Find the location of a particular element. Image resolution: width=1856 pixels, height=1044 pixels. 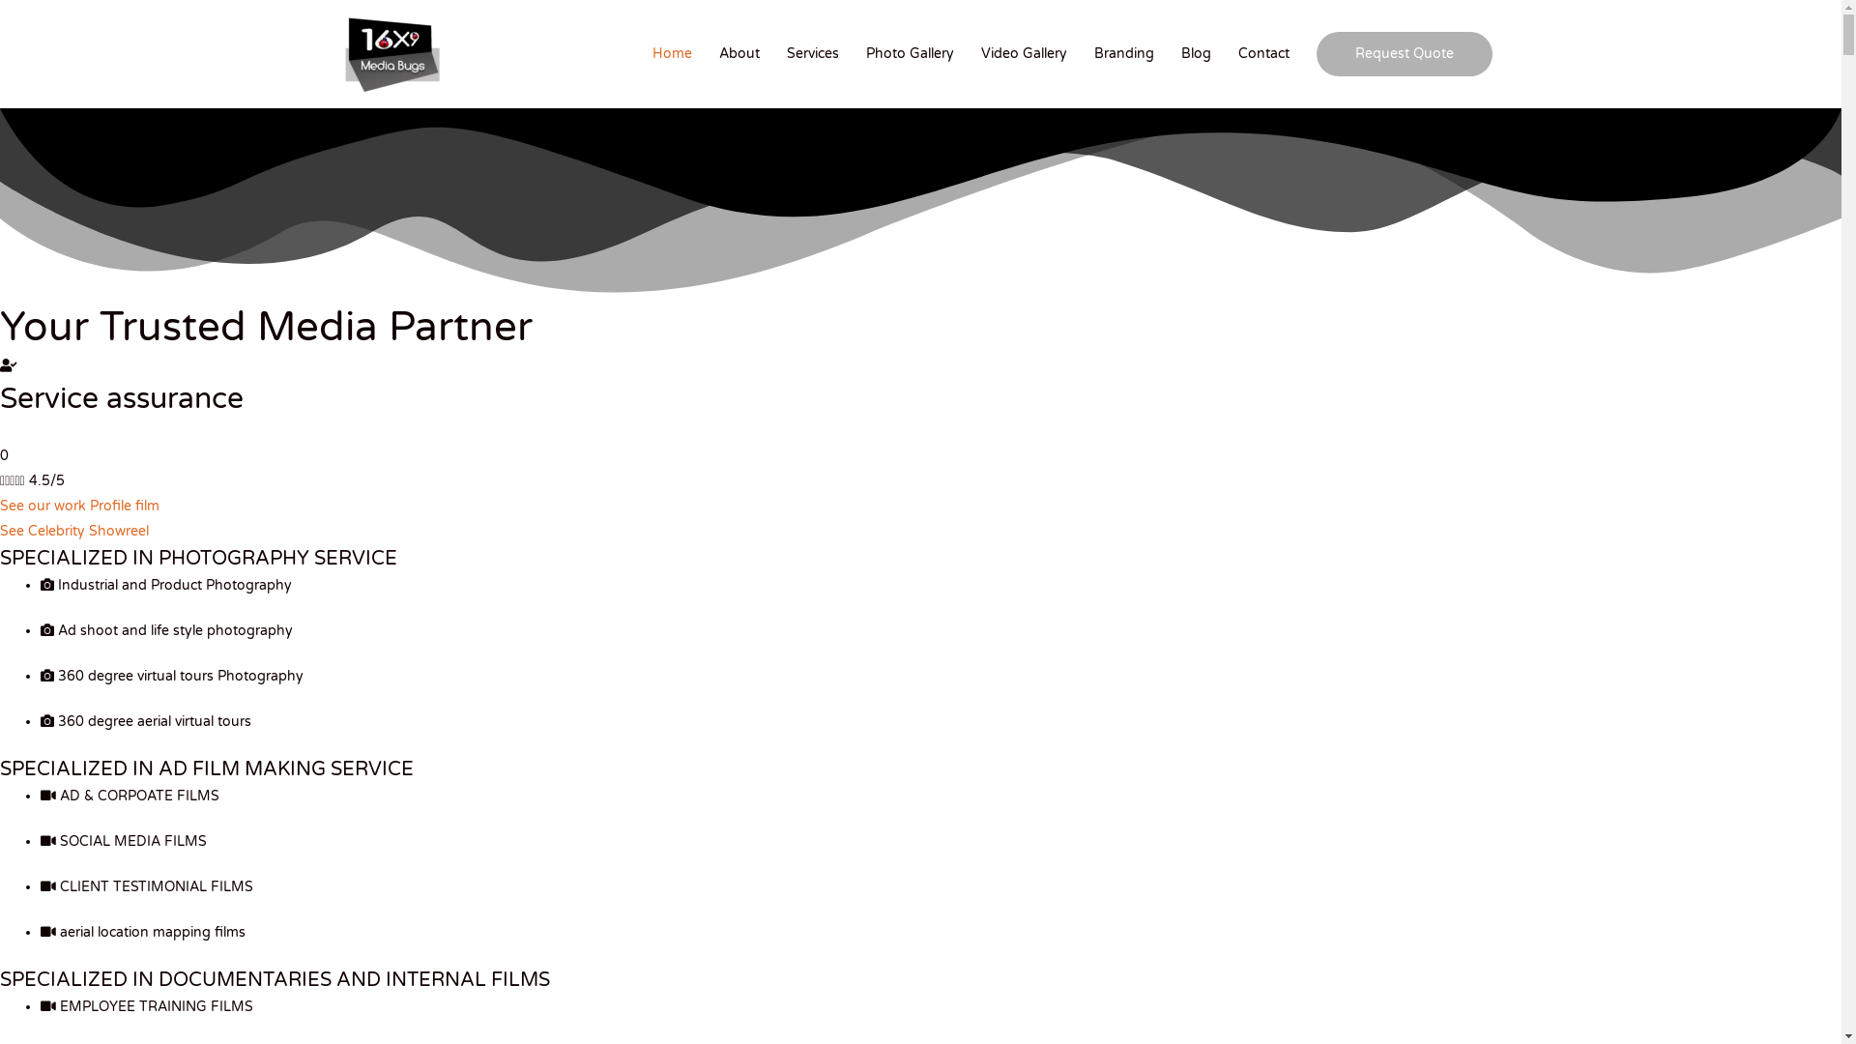

'Video Gallery' is located at coordinates (1023, 53).